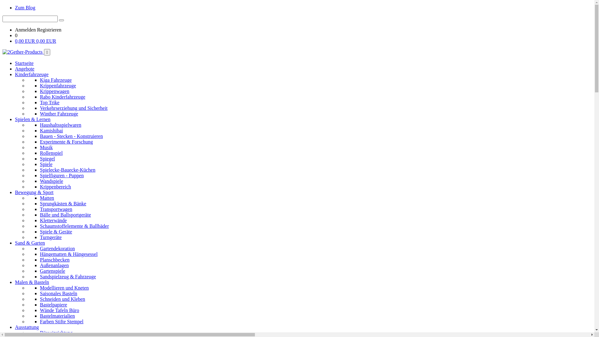  What do you see at coordinates (66, 142) in the screenshot?
I see `'Experimente & Forschung'` at bounding box center [66, 142].